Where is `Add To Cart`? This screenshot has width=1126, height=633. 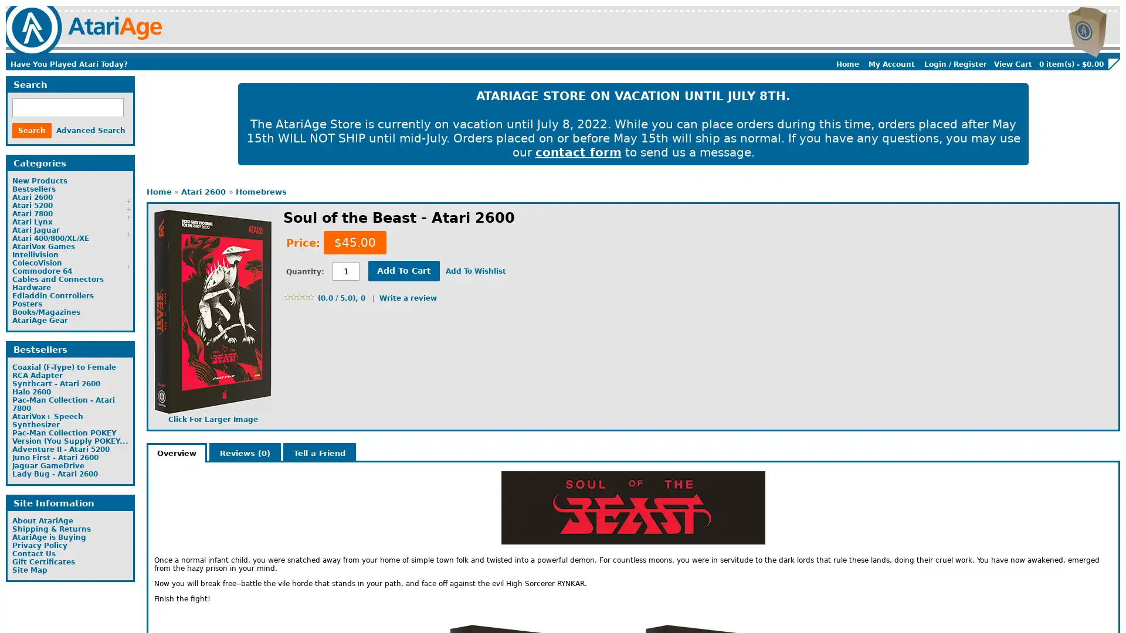
Add To Cart is located at coordinates (404, 271).